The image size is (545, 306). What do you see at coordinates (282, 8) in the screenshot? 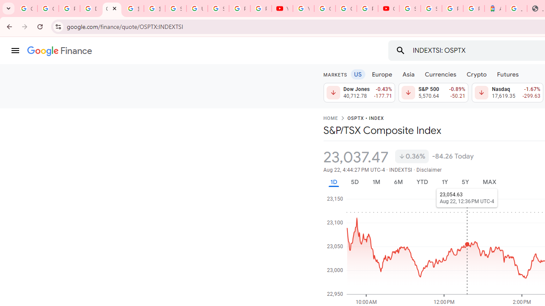
I see `'YouTube'` at bounding box center [282, 8].